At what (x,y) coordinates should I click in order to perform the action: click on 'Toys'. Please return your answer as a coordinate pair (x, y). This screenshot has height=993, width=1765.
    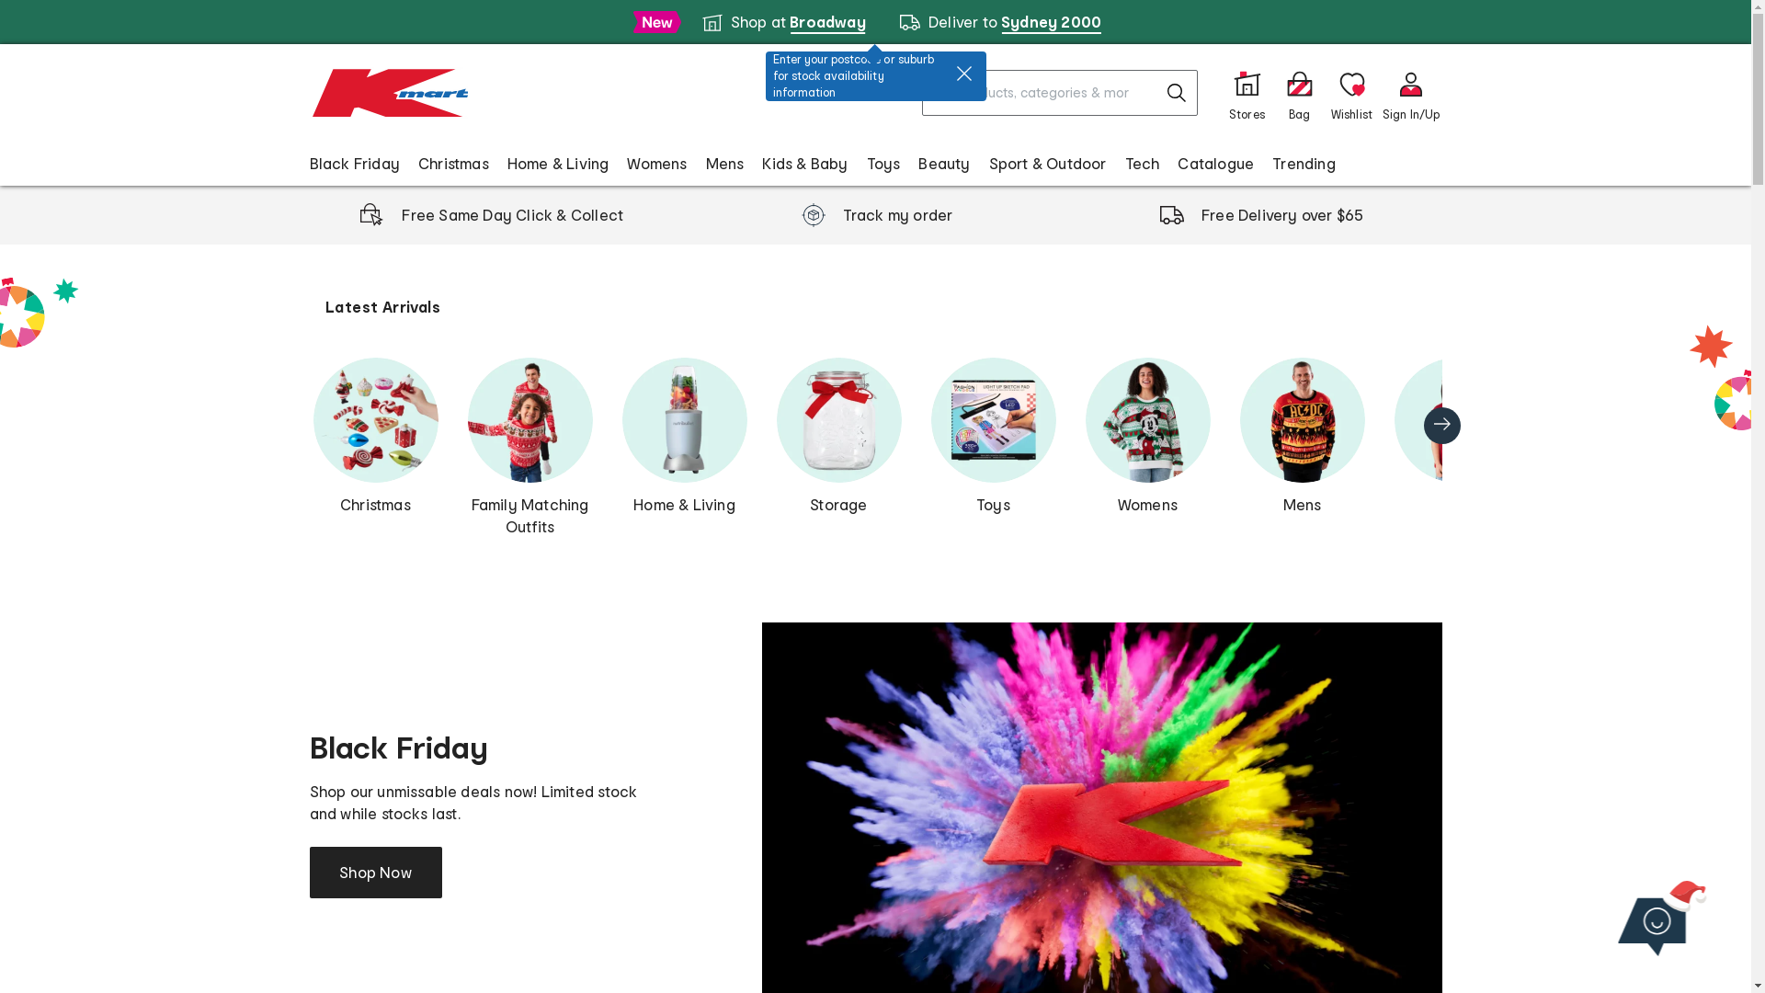
    Looking at the image, I should click on (927, 436).